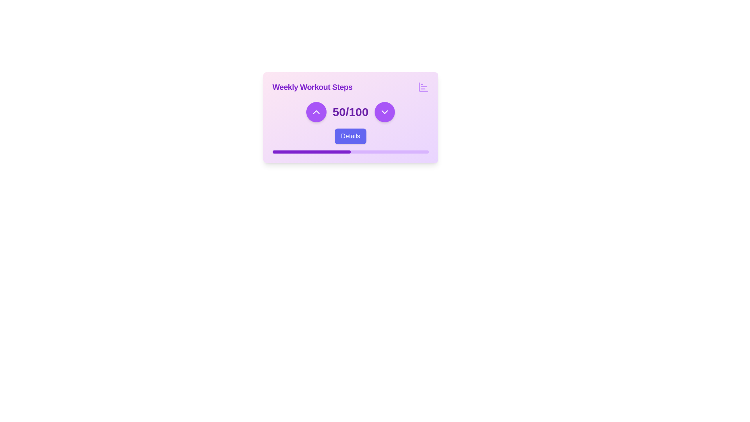  What do you see at coordinates (350, 112) in the screenshot?
I see `the text label displaying '50/100' in a bold purple font, located centrally inside the workout steps summary card` at bounding box center [350, 112].